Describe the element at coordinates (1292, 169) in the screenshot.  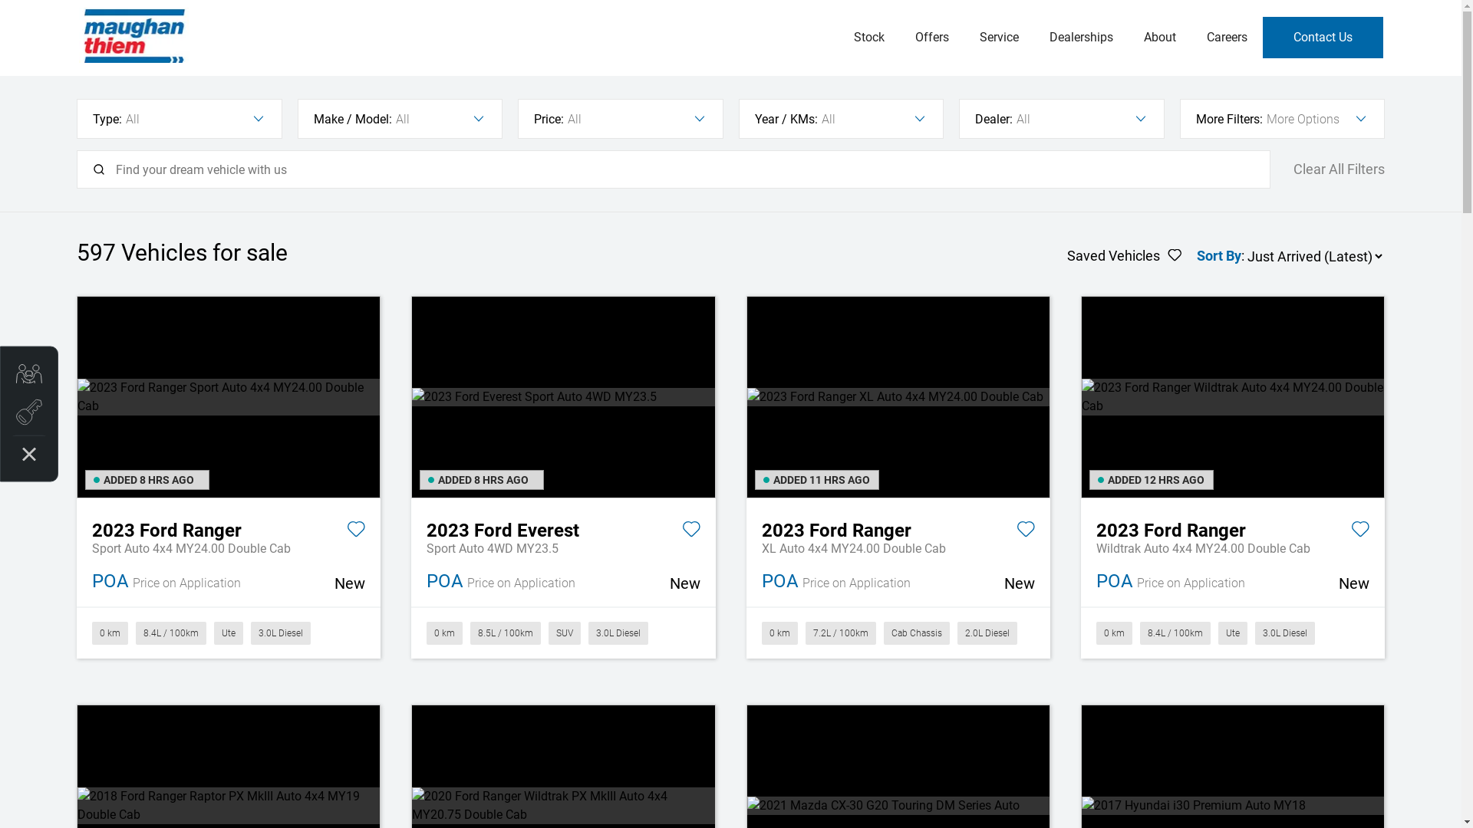
I see `'Clear All Filters'` at that location.